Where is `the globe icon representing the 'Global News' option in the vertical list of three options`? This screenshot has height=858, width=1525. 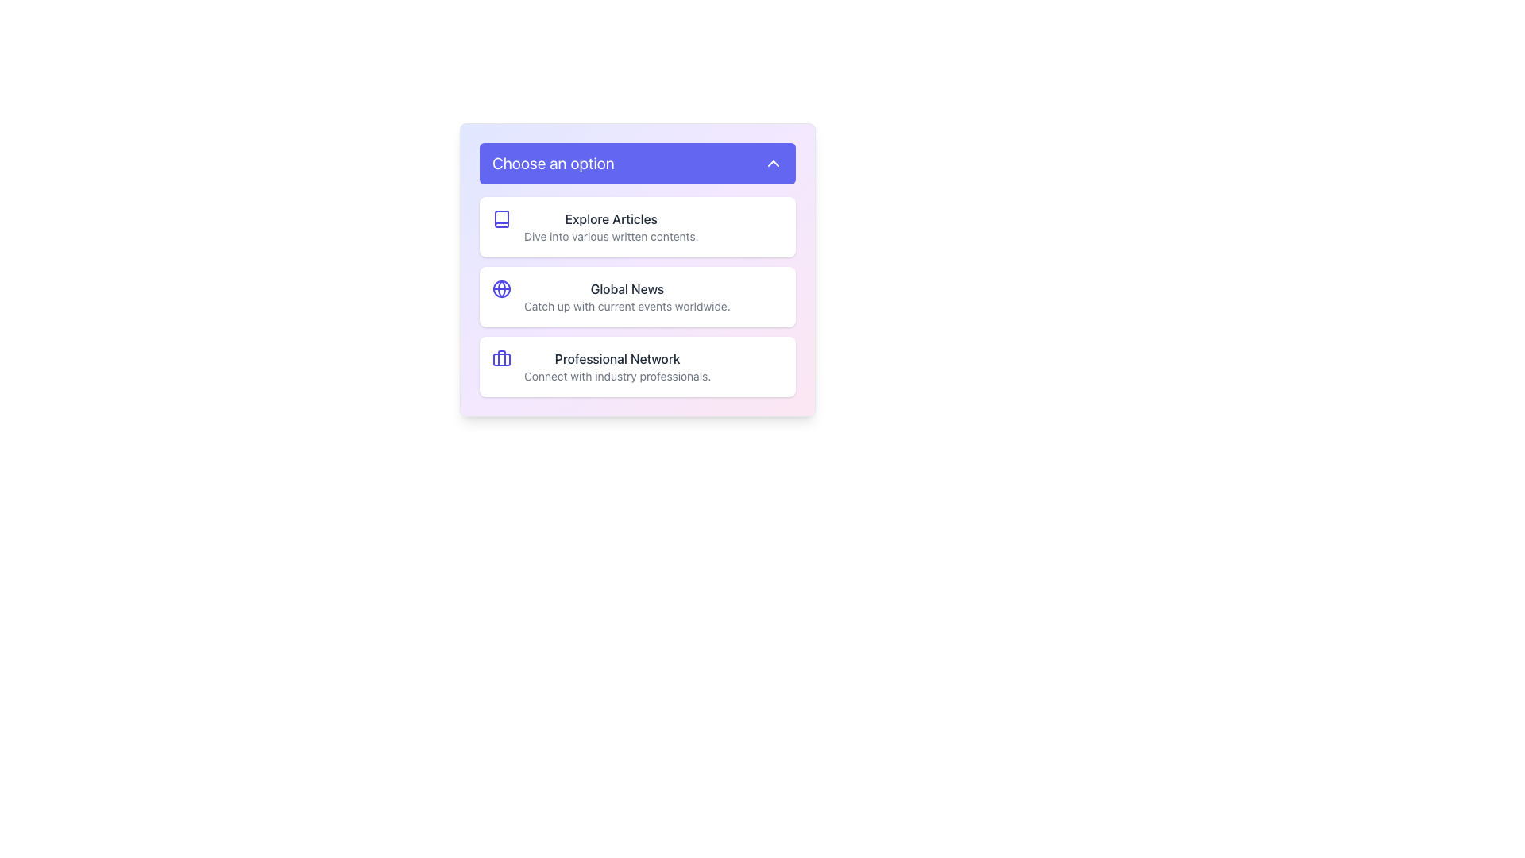
the globe icon representing the 'Global News' option in the vertical list of three options is located at coordinates (501, 288).